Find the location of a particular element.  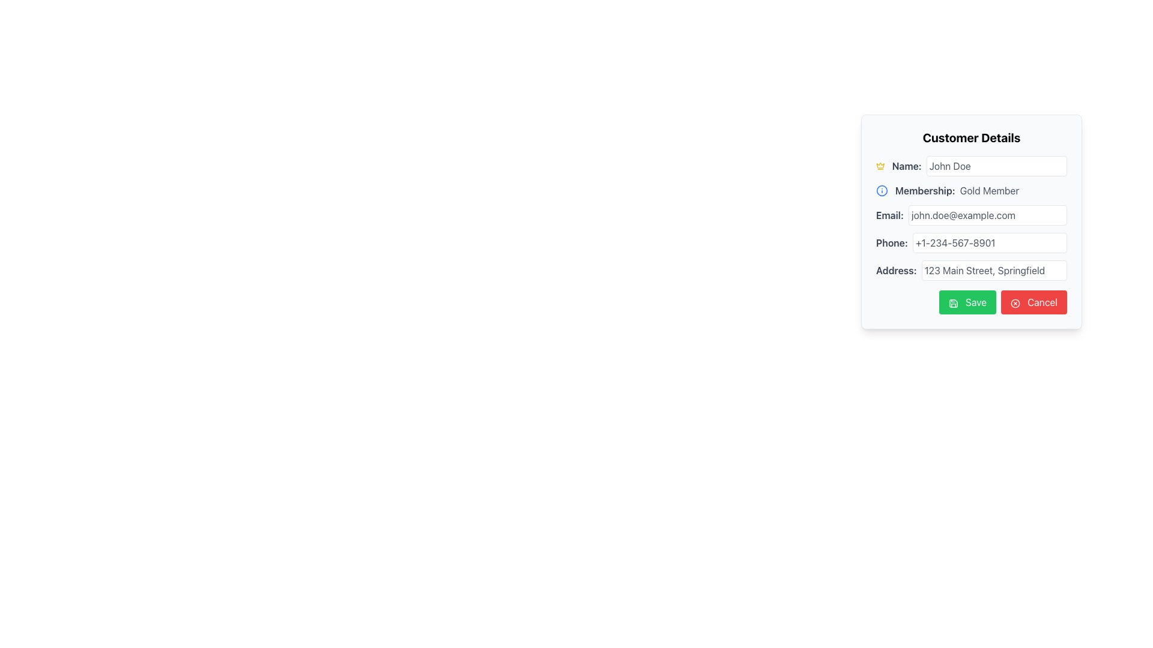

the text input field for email, which displays 'john.doe@example.com' in gray text is located at coordinates (988, 214).